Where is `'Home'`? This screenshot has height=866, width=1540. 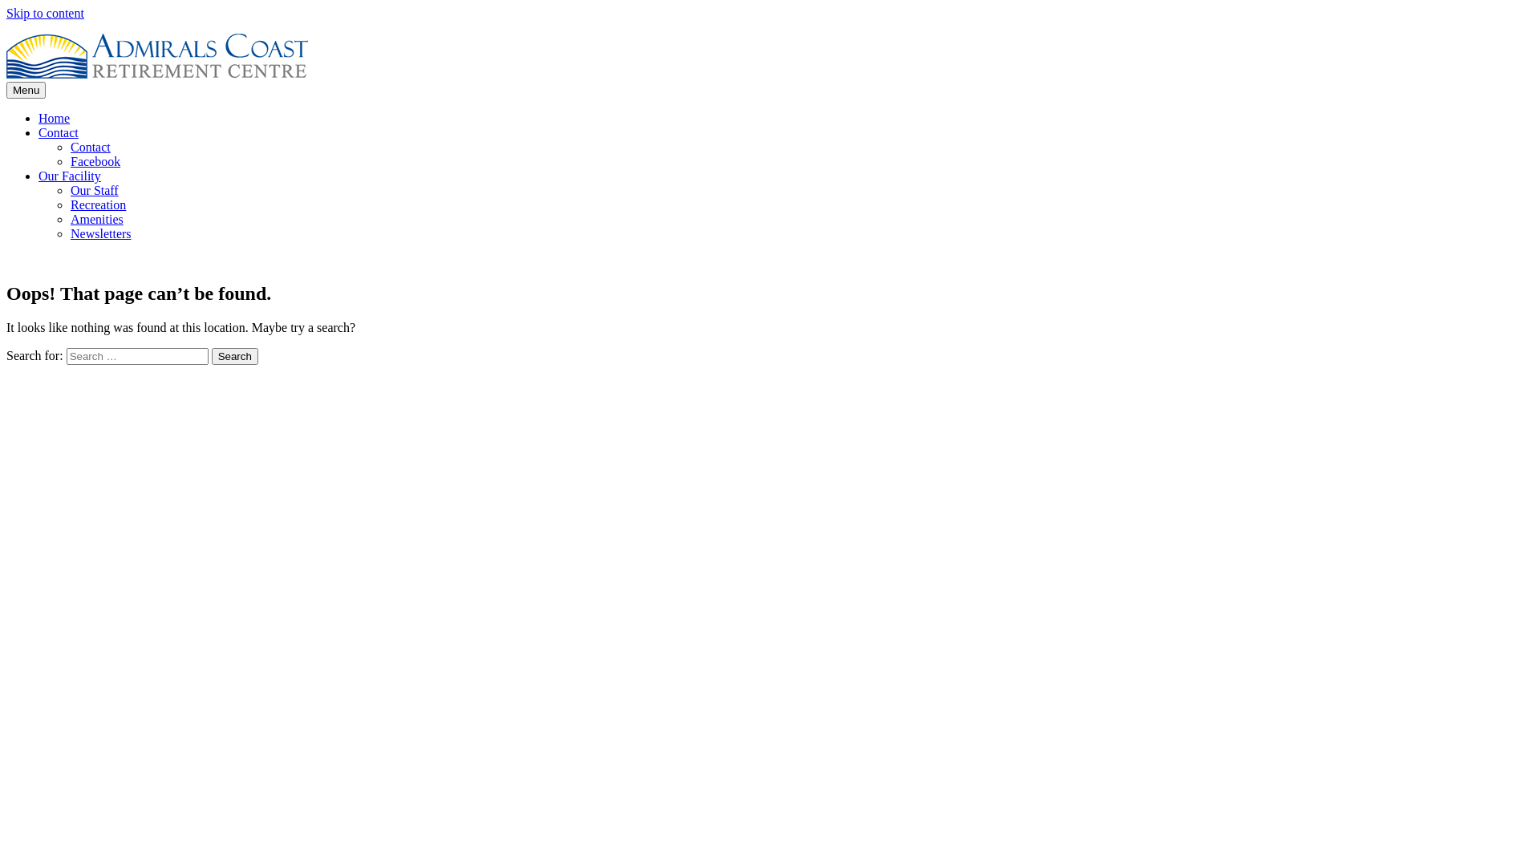 'Home' is located at coordinates (38, 117).